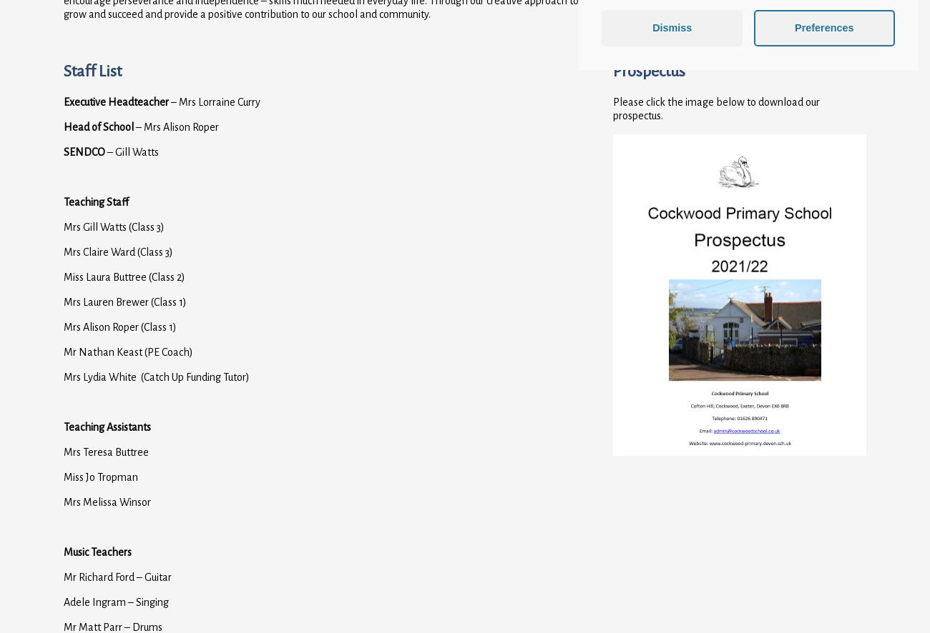  Describe the element at coordinates (128, 351) in the screenshot. I see `'Mr Nathan Keast (PE Coach)'` at that location.